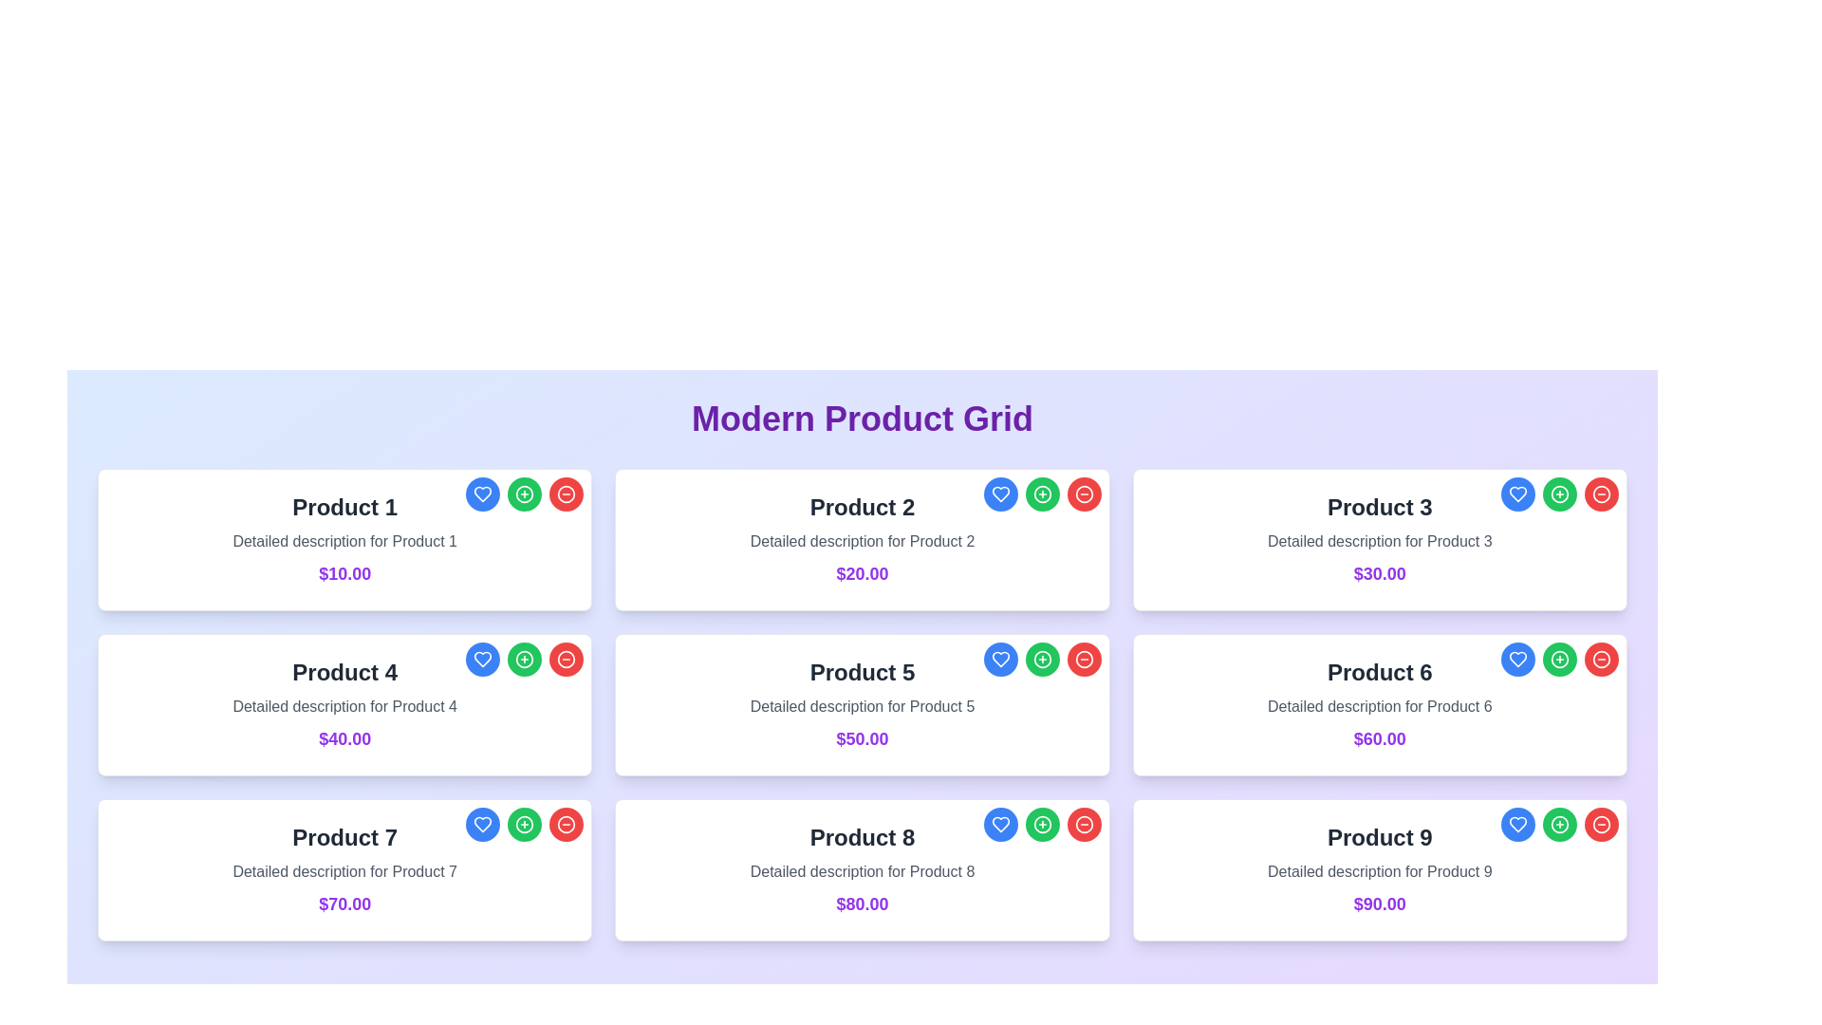 This screenshot has height=1025, width=1822. I want to click on the delete button located at the top-right corner of the card for 'Product 2', which is the third button from the left, to invoke its action, so click(1084, 493).